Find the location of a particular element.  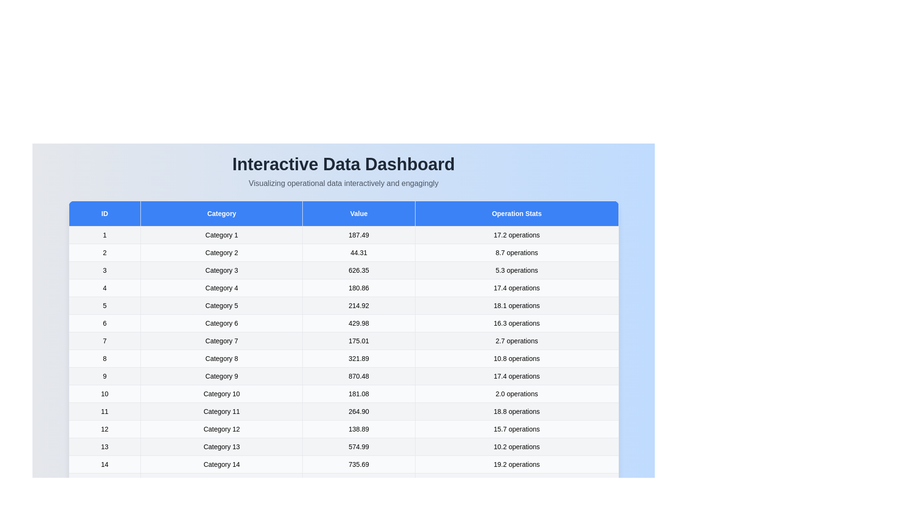

the text of the table row corresponding to the desired data entry is located at coordinates (221, 235).